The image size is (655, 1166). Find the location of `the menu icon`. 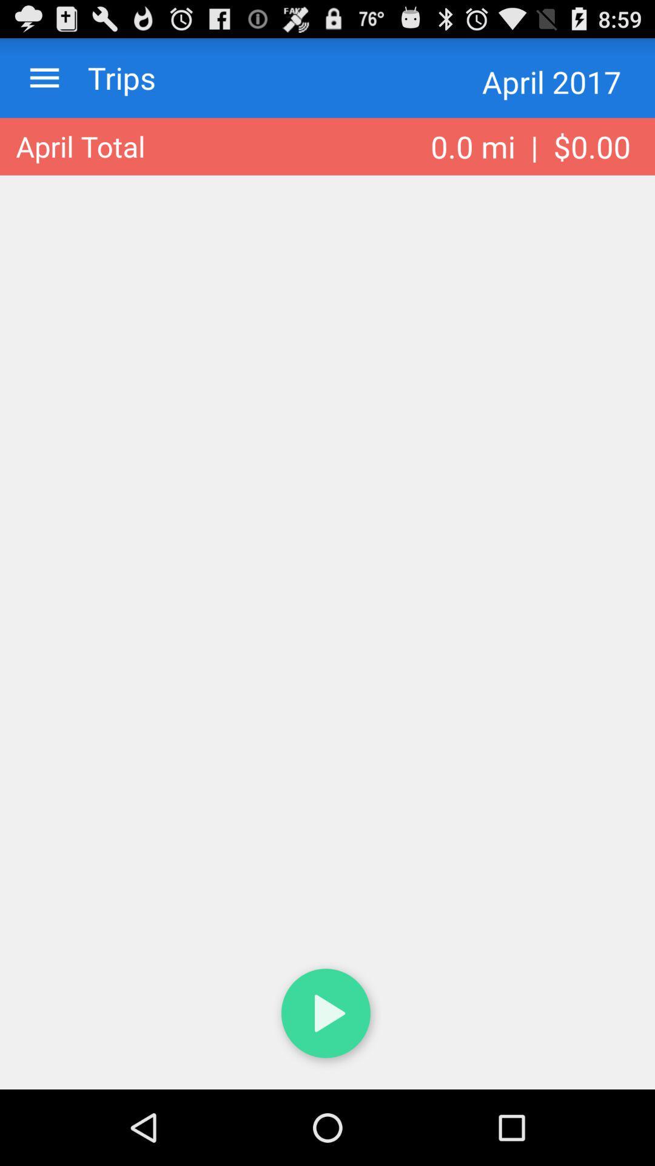

the menu icon is located at coordinates (44, 83).